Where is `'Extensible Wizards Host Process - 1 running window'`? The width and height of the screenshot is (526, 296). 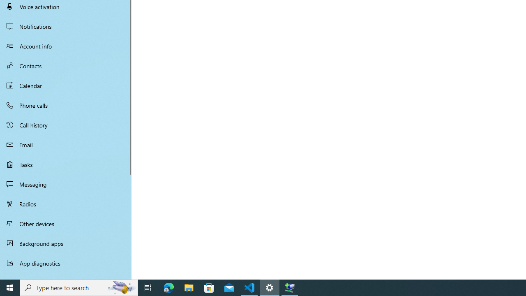 'Extensible Wizards Host Process - 1 running window' is located at coordinates (290, 287).